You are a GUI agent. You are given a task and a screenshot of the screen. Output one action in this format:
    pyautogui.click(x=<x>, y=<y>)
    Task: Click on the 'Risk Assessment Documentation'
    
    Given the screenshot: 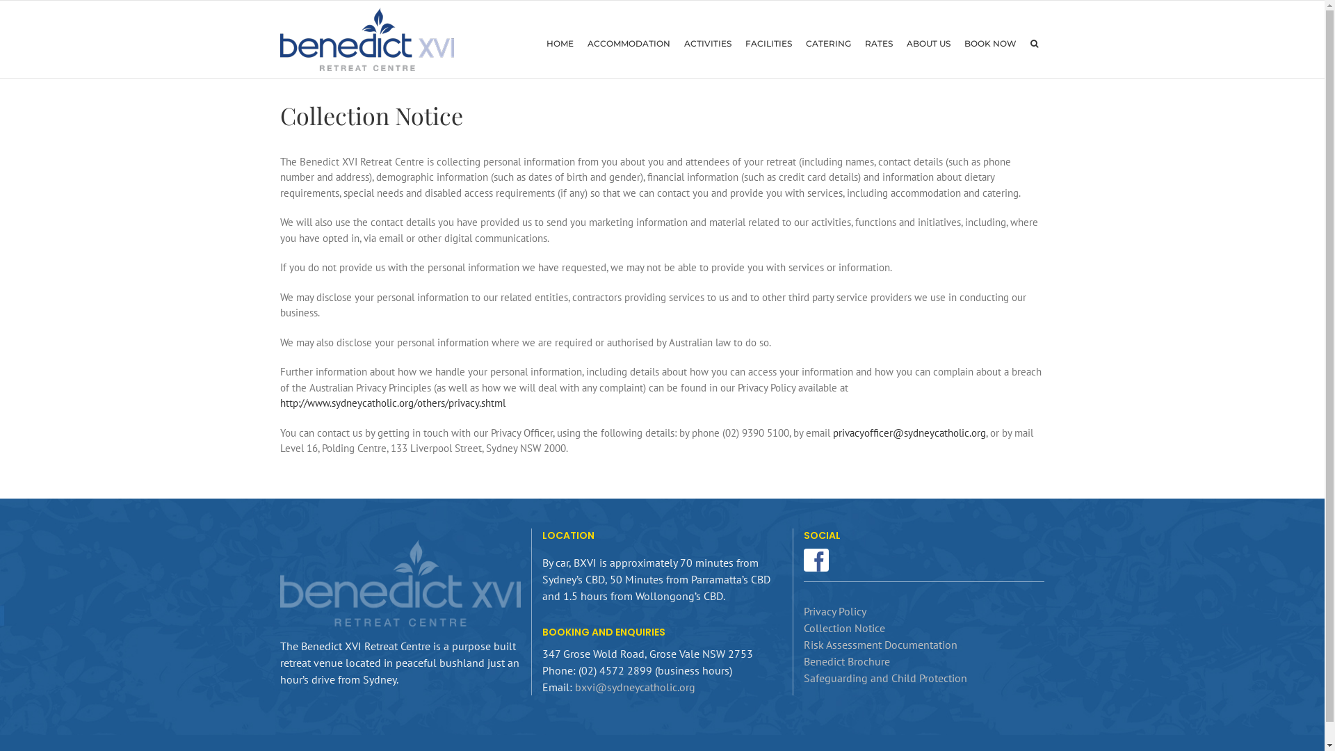 What is the action you would take?
    pyautogui.click(x=880, y=644)
    